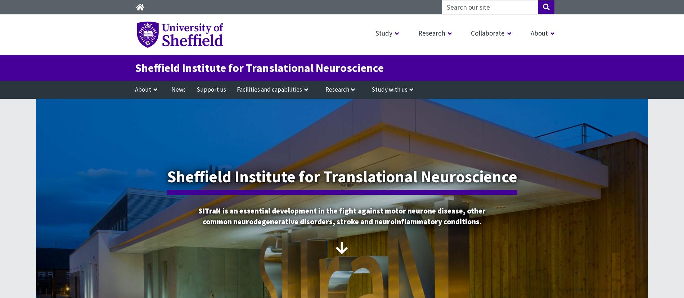  Describe the element at coordinates (211, 89) in the screenshot. I see `'Support us'` at that location.